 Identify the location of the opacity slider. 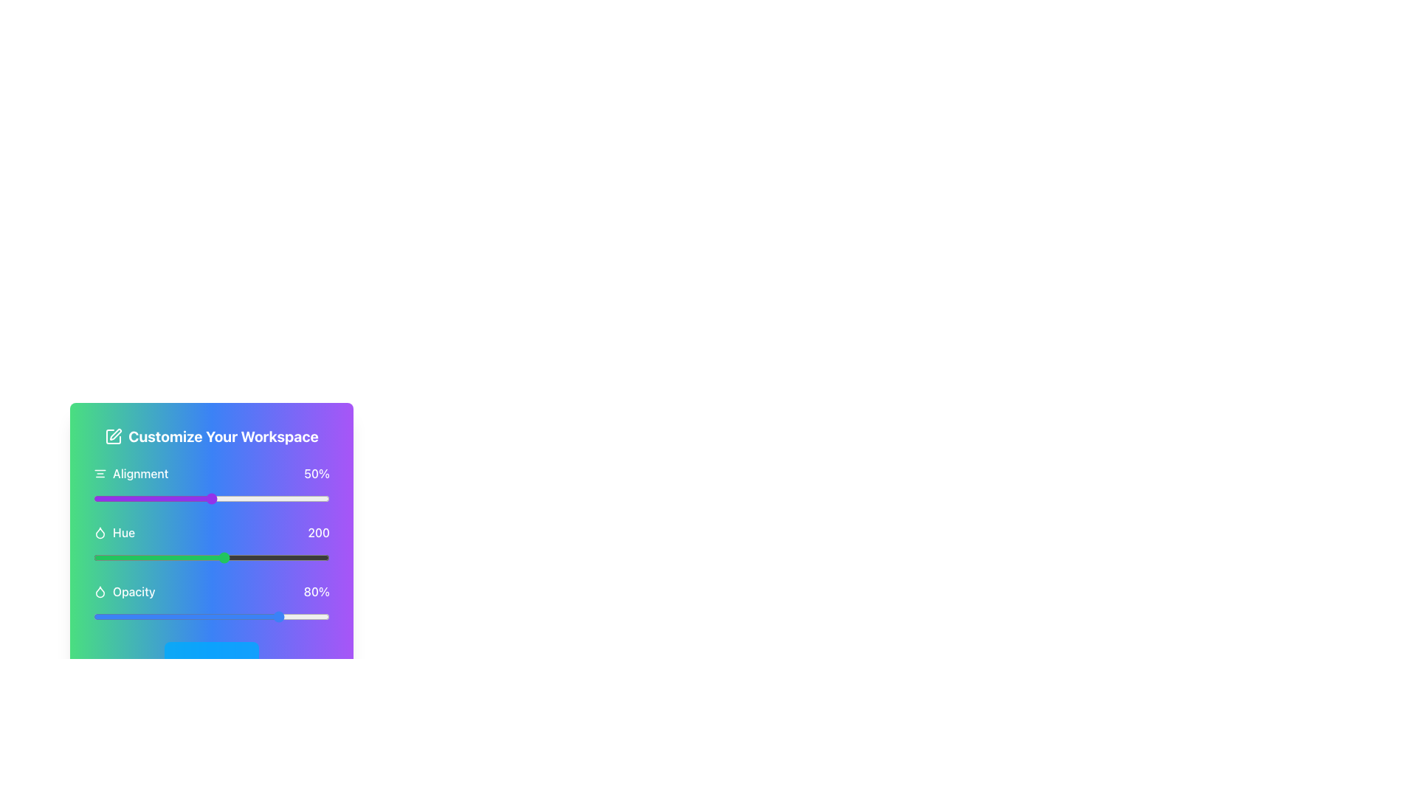
(116, 617).